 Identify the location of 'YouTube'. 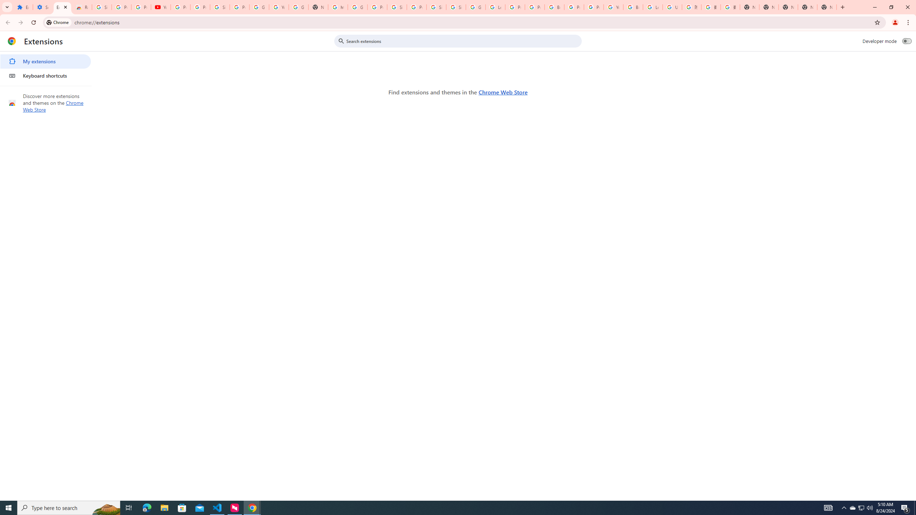
(160, 7).